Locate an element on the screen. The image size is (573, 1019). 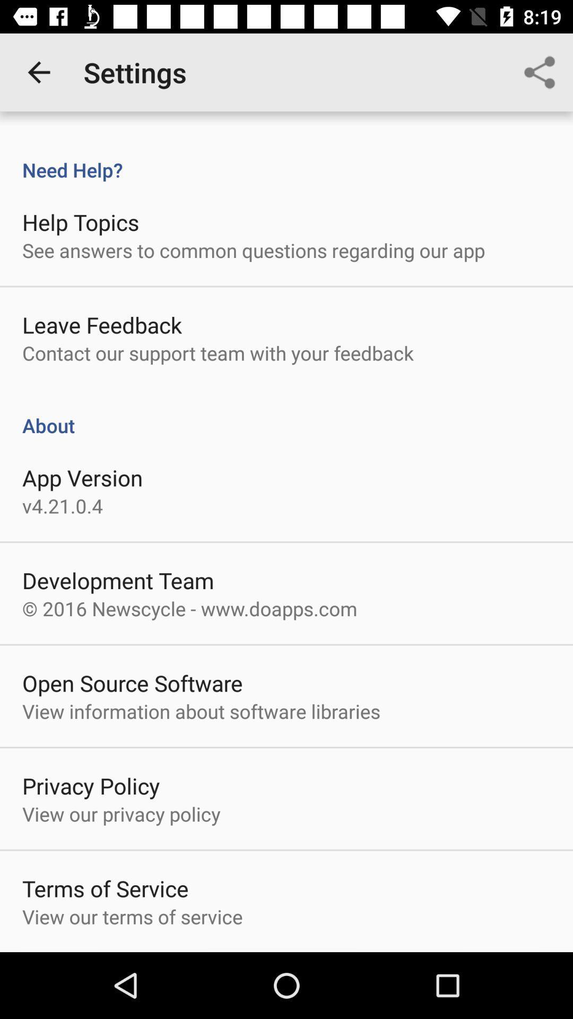
icon above 2016 newscycle www icon is located at coordinates (118, 580).